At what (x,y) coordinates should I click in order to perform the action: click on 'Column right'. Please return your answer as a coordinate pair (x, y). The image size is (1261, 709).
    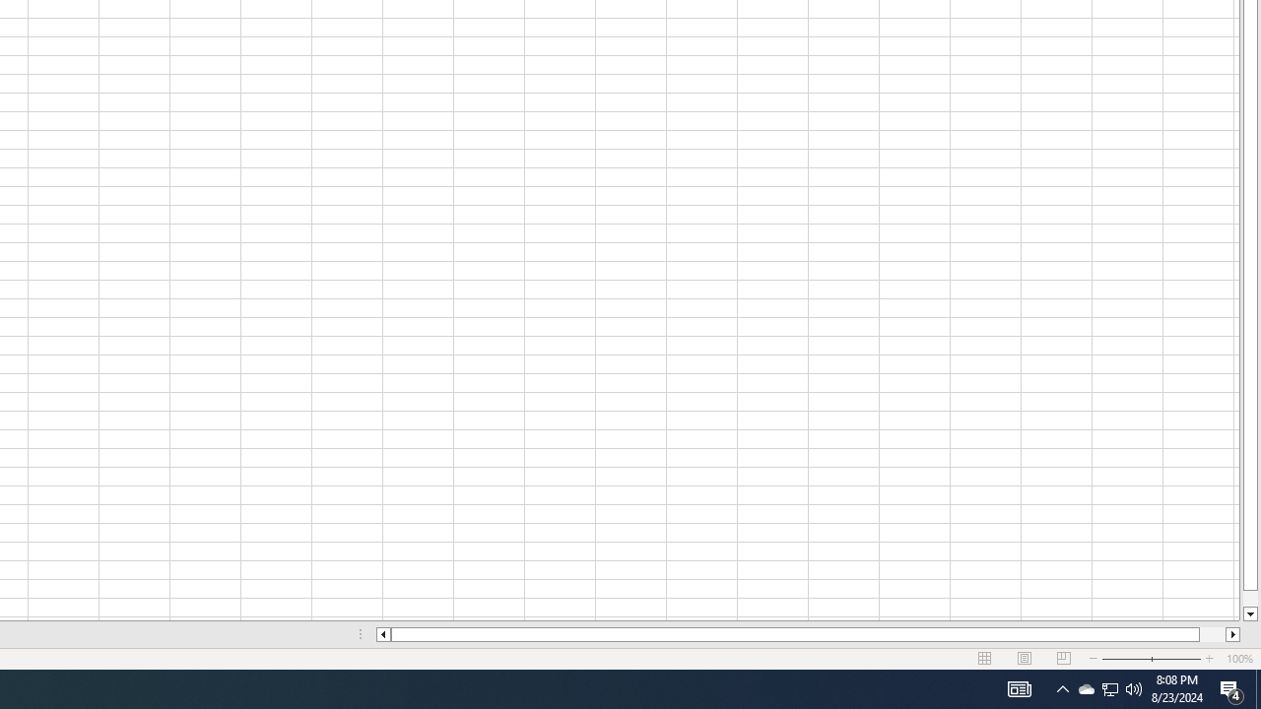
    Looking at the image, I should click on (1232, 634).